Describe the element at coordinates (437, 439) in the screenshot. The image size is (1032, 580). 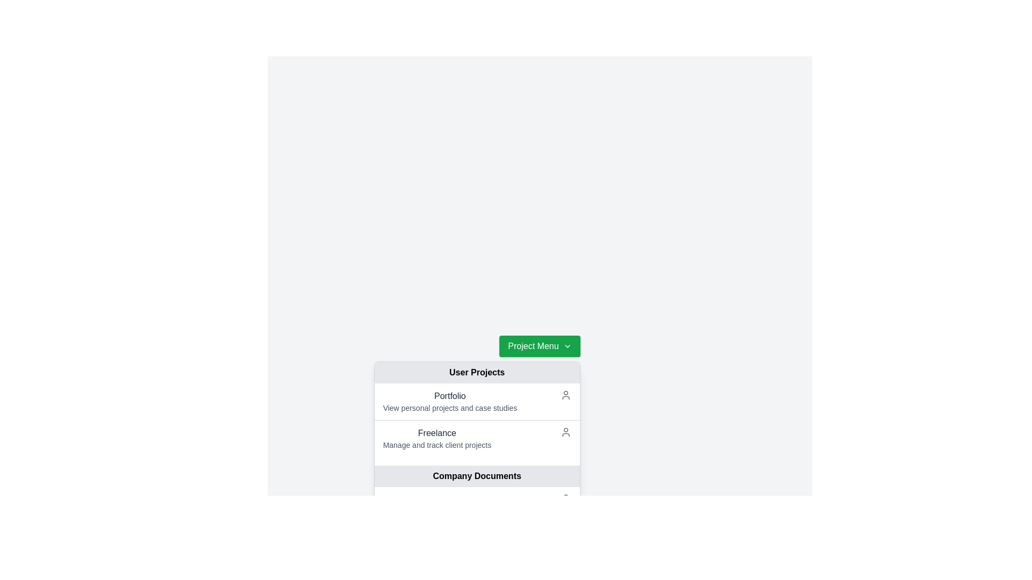
I see `the text displaying 'Freelance'` at that location.